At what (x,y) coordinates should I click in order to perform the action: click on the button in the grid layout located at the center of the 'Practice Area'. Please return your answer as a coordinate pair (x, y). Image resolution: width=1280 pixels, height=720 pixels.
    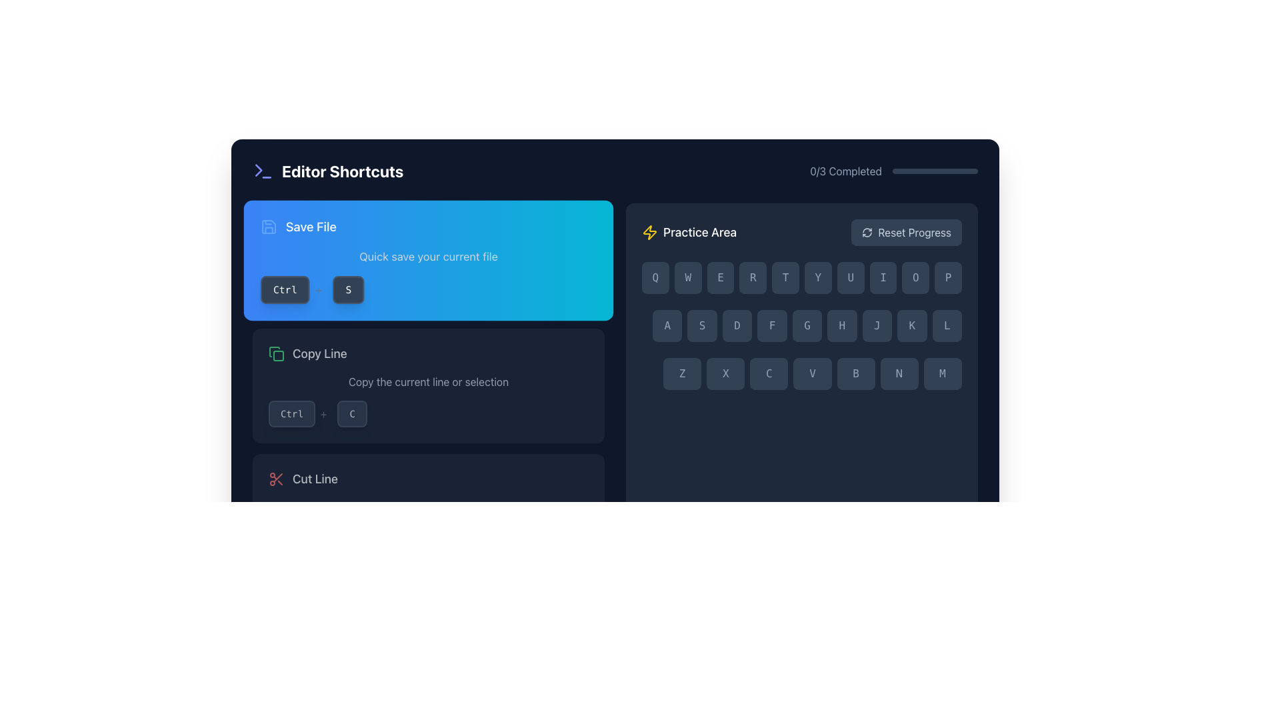
    Looking at the image, I should click on (806, 326).